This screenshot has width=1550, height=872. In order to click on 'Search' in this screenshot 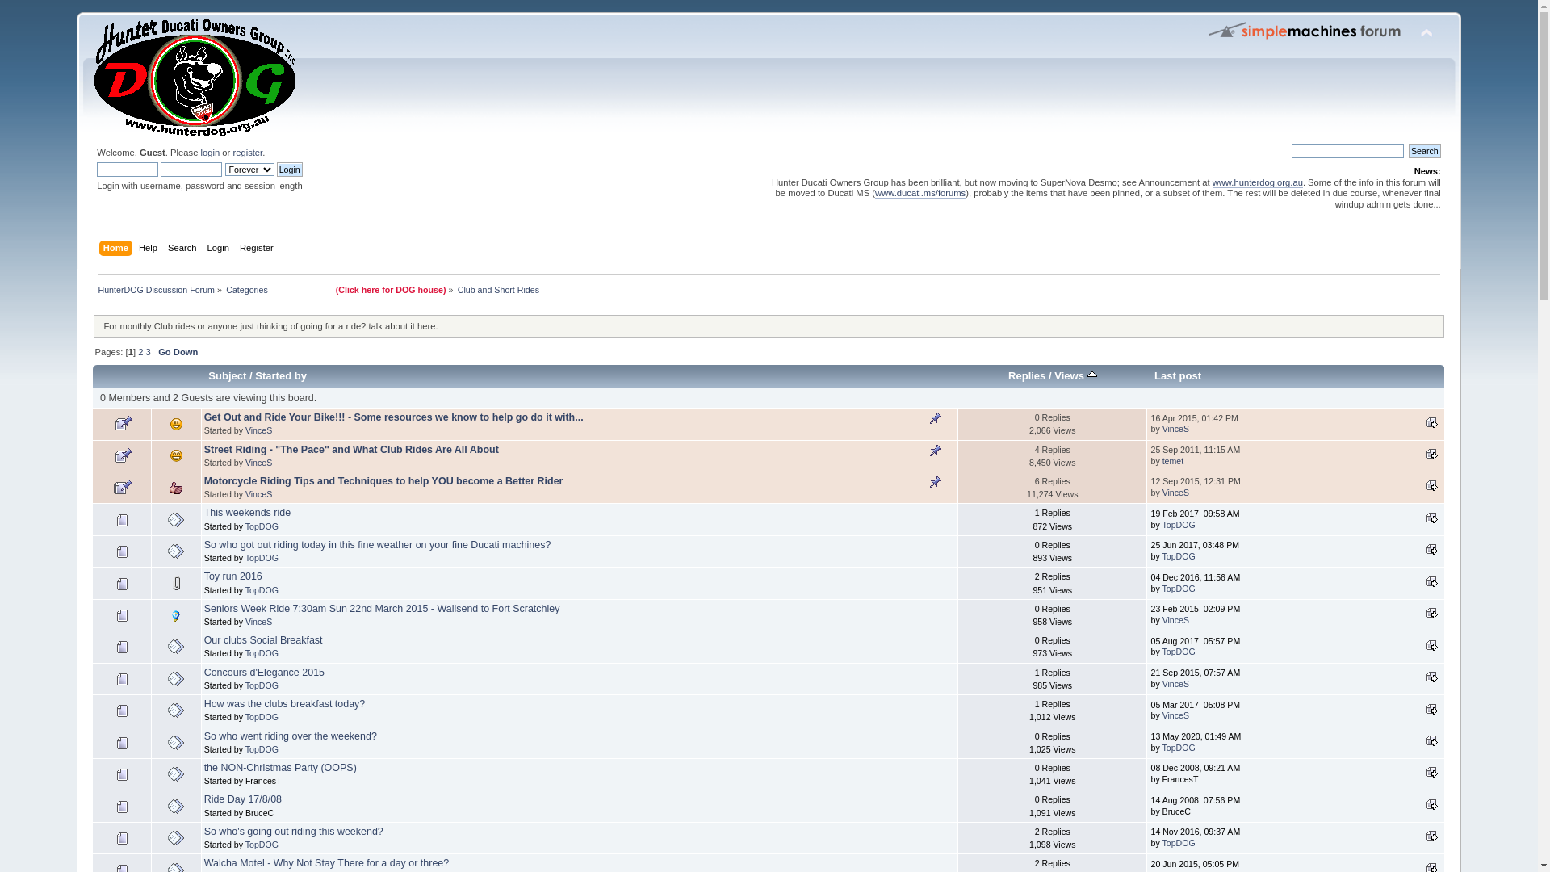, I will do `click(167, 249)`.